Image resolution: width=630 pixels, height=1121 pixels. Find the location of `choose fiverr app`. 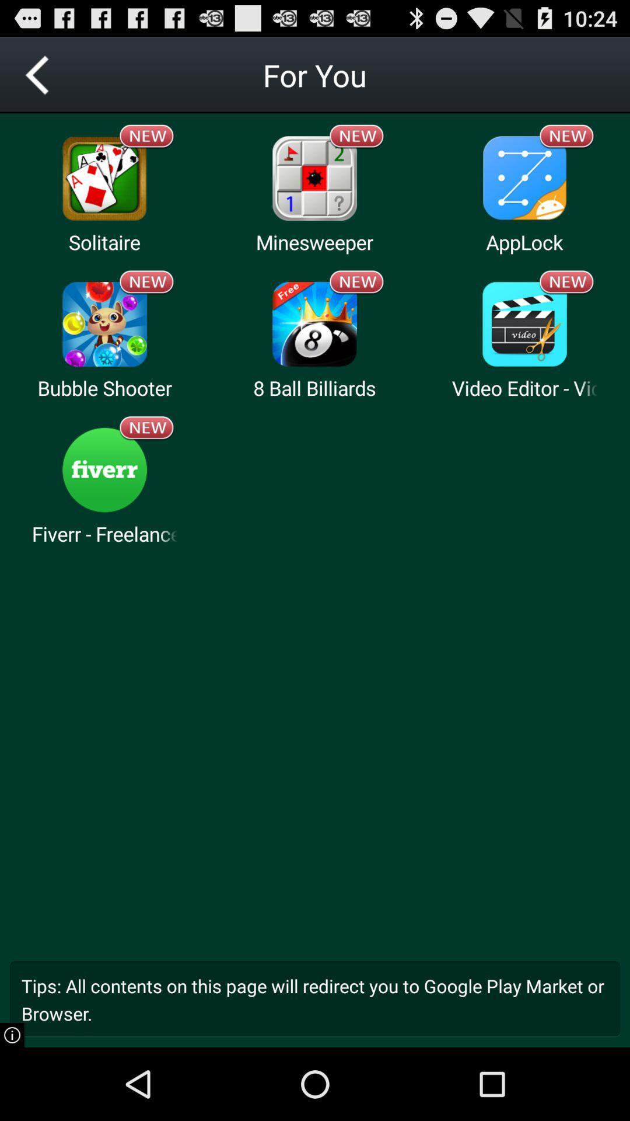

choose fiverr app is located at coordinates (104, 470).